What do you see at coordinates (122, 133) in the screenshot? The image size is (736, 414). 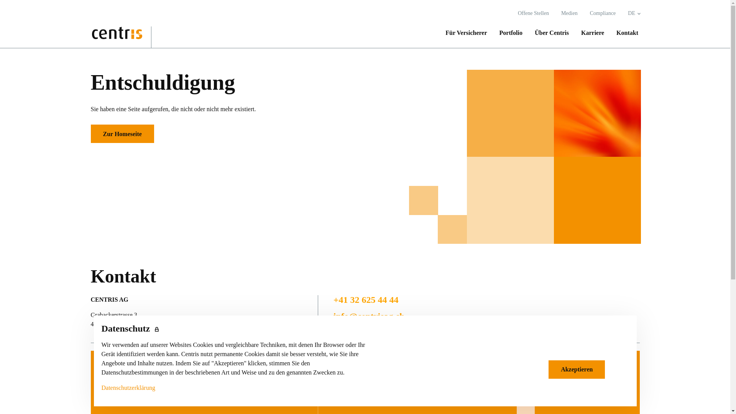 I see `'Zur Homeseite'` at bounding box center [122, 133].